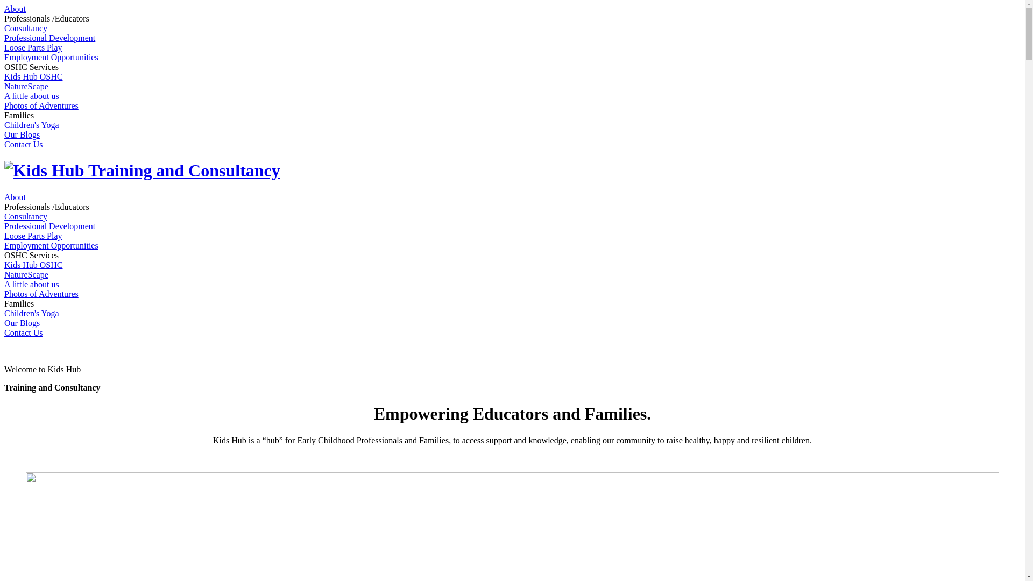 The image size is (1033, 581). What do you see at coordinates (4, 105) in the screenshot?
I see `'Photos of Adventures'` at bounding box center [4, 105].